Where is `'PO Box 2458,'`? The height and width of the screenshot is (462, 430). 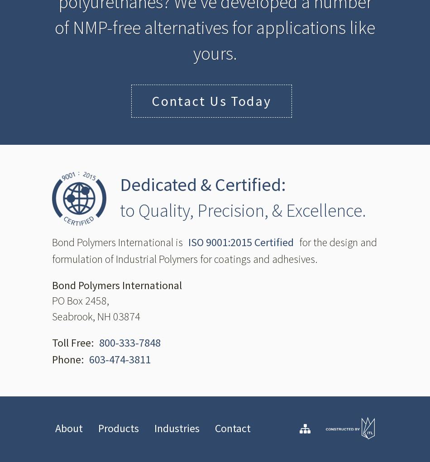
'PO Box 2458,' is located at coordinates (81, 300).